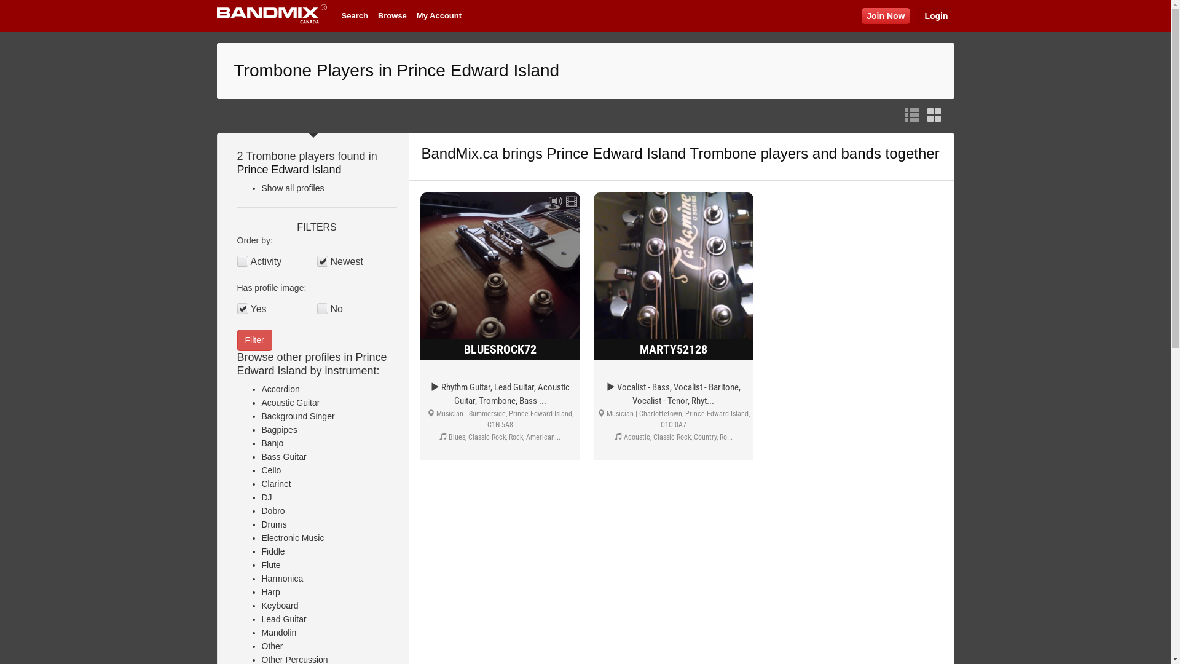 This screenshot has height=664, width=1180. What do you see at coordinates (237, 170) in the screenshot?
I see `'Prince Edward Island'` at bounding box center [237, 170].